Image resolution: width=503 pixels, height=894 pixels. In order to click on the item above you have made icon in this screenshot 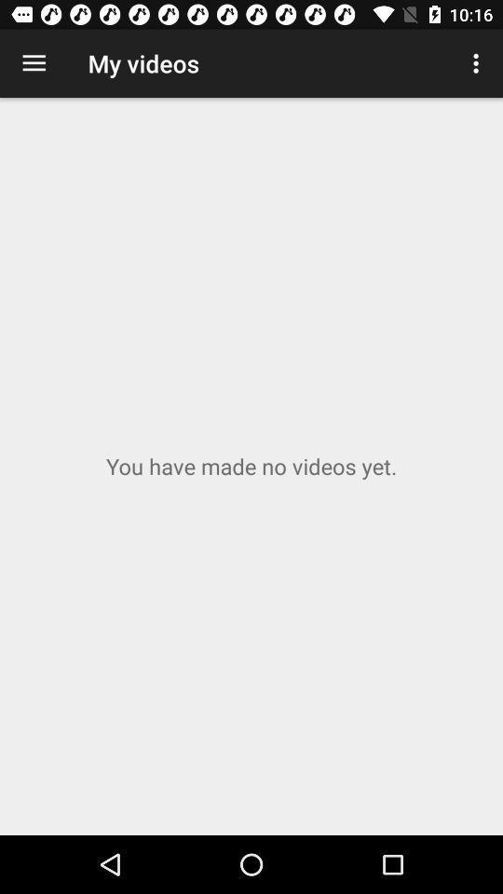, I will do `click(34, 63)`.